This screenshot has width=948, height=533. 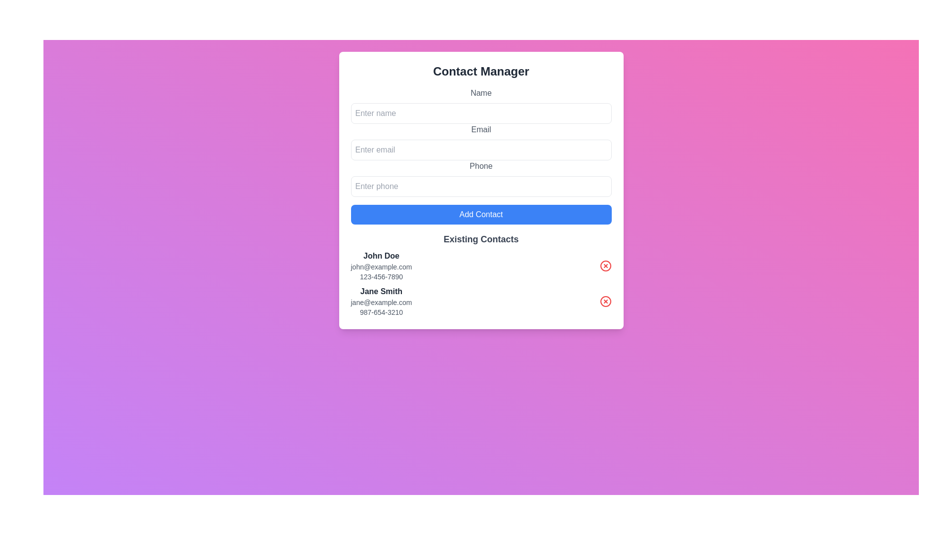 What do you see at coordinates (481, 165) in the screenshot?
I see `the text label displaying 'Phone' in dark gray color, positioned above the phone input field` at bounding box center [481, 165].